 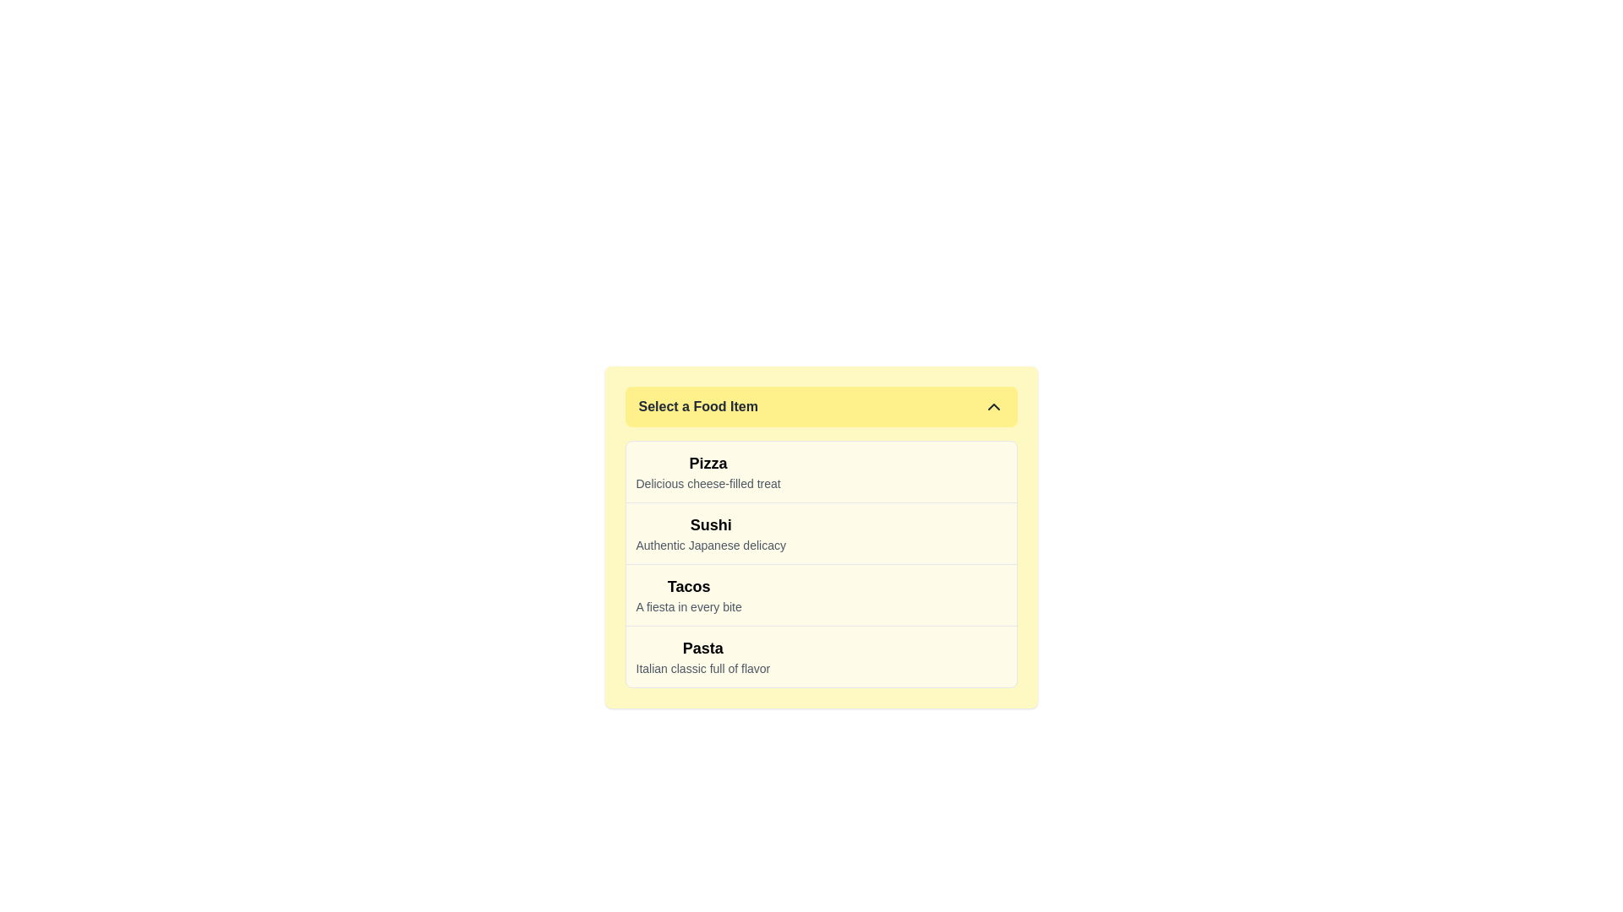 I want to click on the text element displaying 'Sushi' in the dropdown menu titled 'Select a Food Item', so click(x=711, y=534).